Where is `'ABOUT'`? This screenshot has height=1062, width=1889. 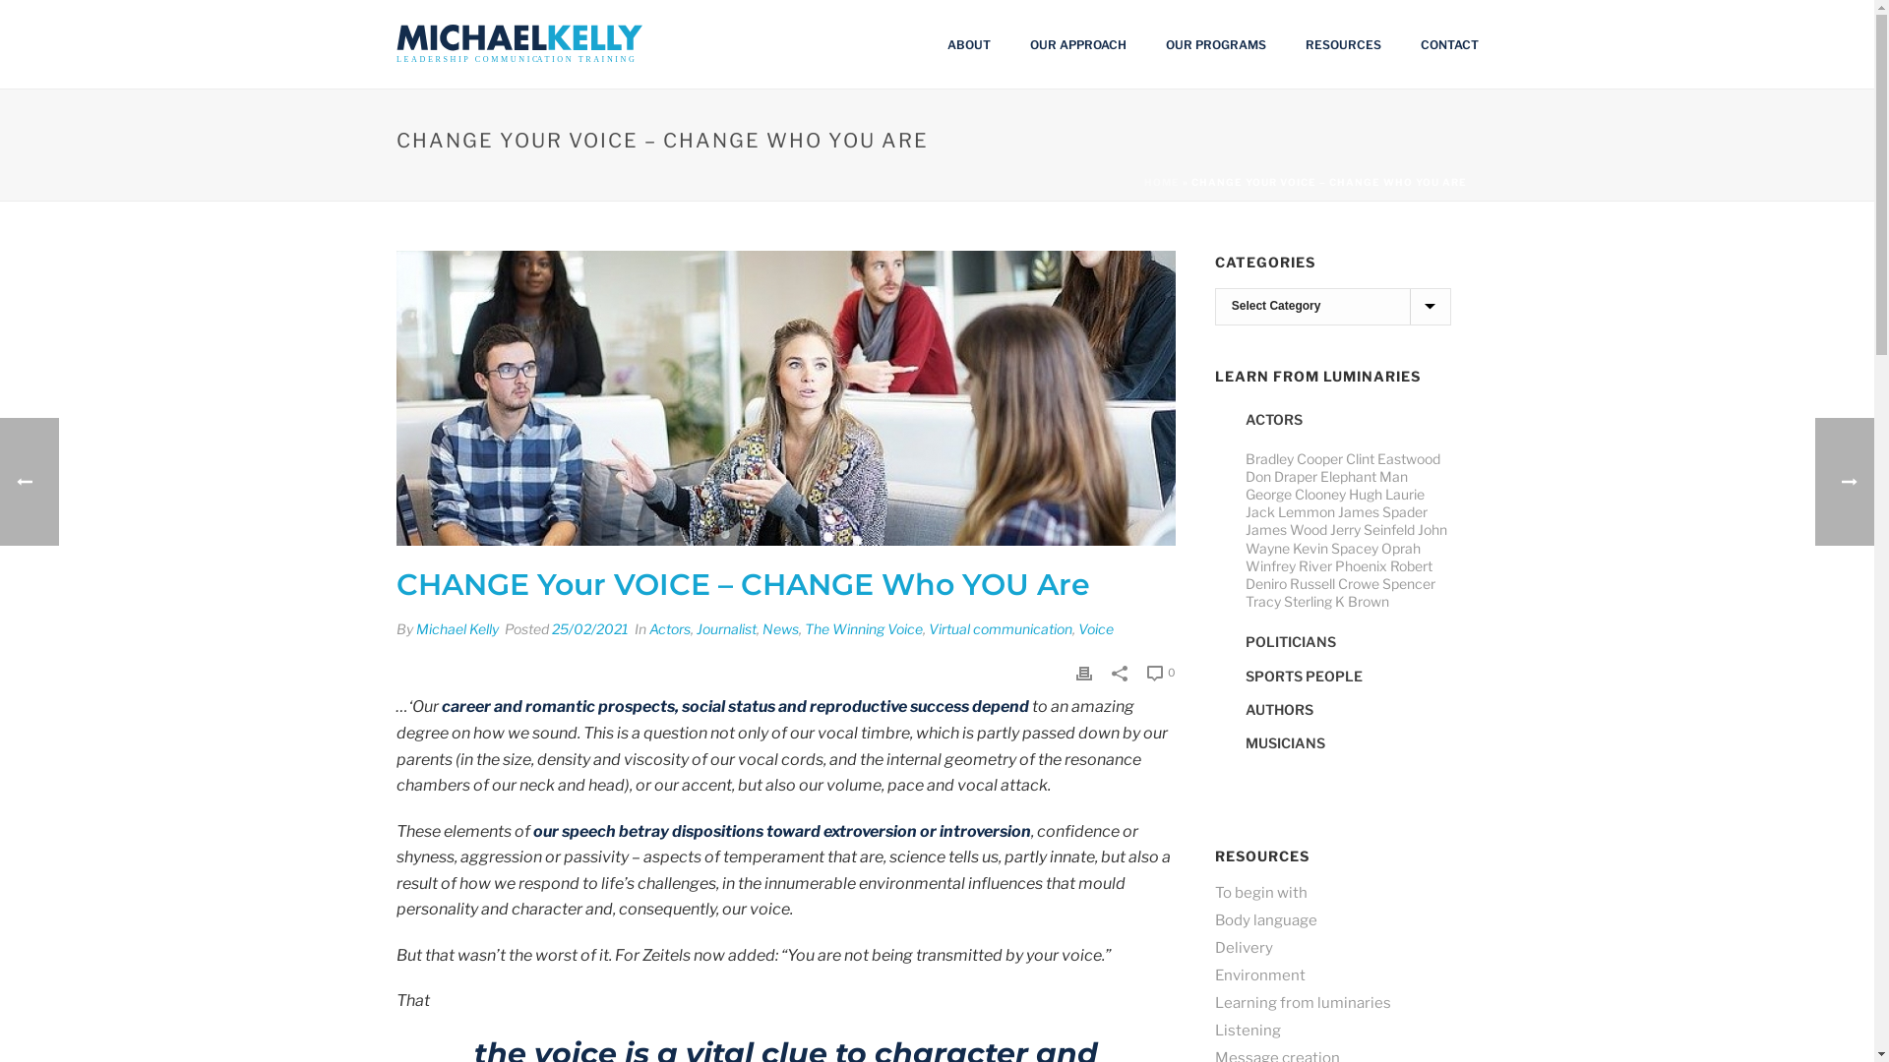 'ABOUT' is located at coordinates (967, 44).